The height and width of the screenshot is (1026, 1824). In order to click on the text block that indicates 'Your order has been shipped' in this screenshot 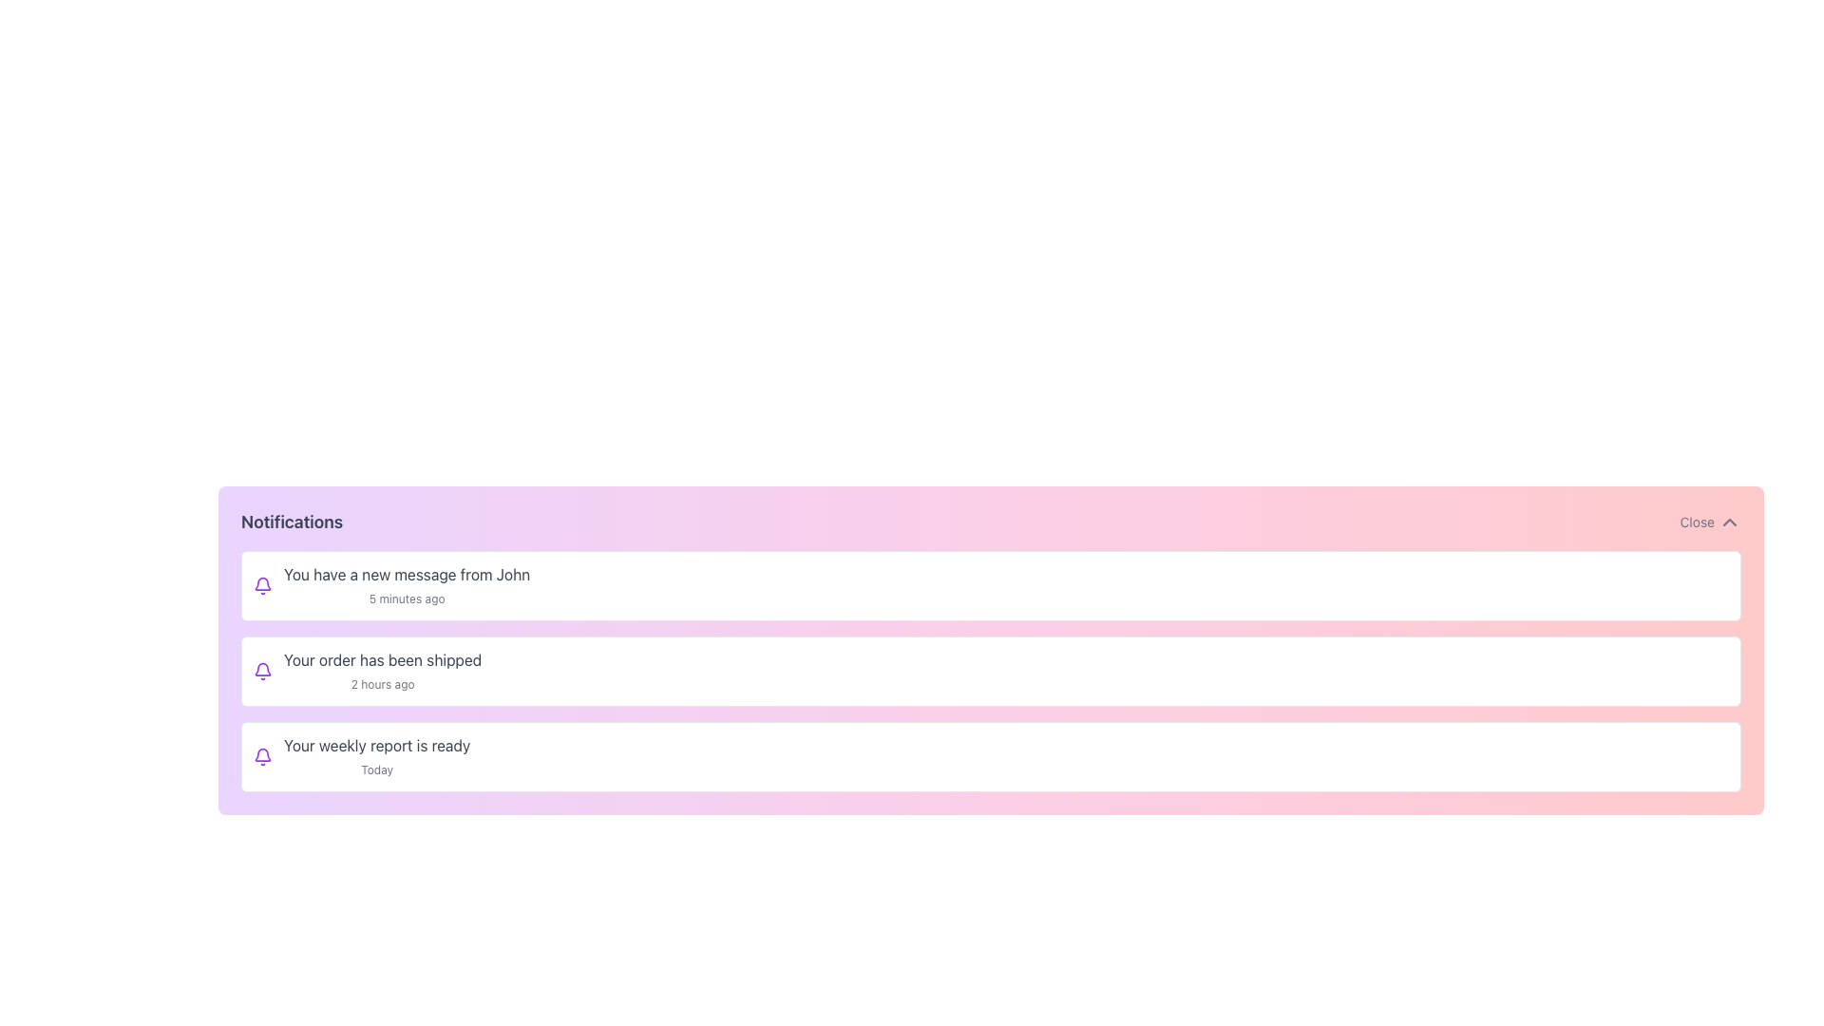, I will do `click(382, 670)`.